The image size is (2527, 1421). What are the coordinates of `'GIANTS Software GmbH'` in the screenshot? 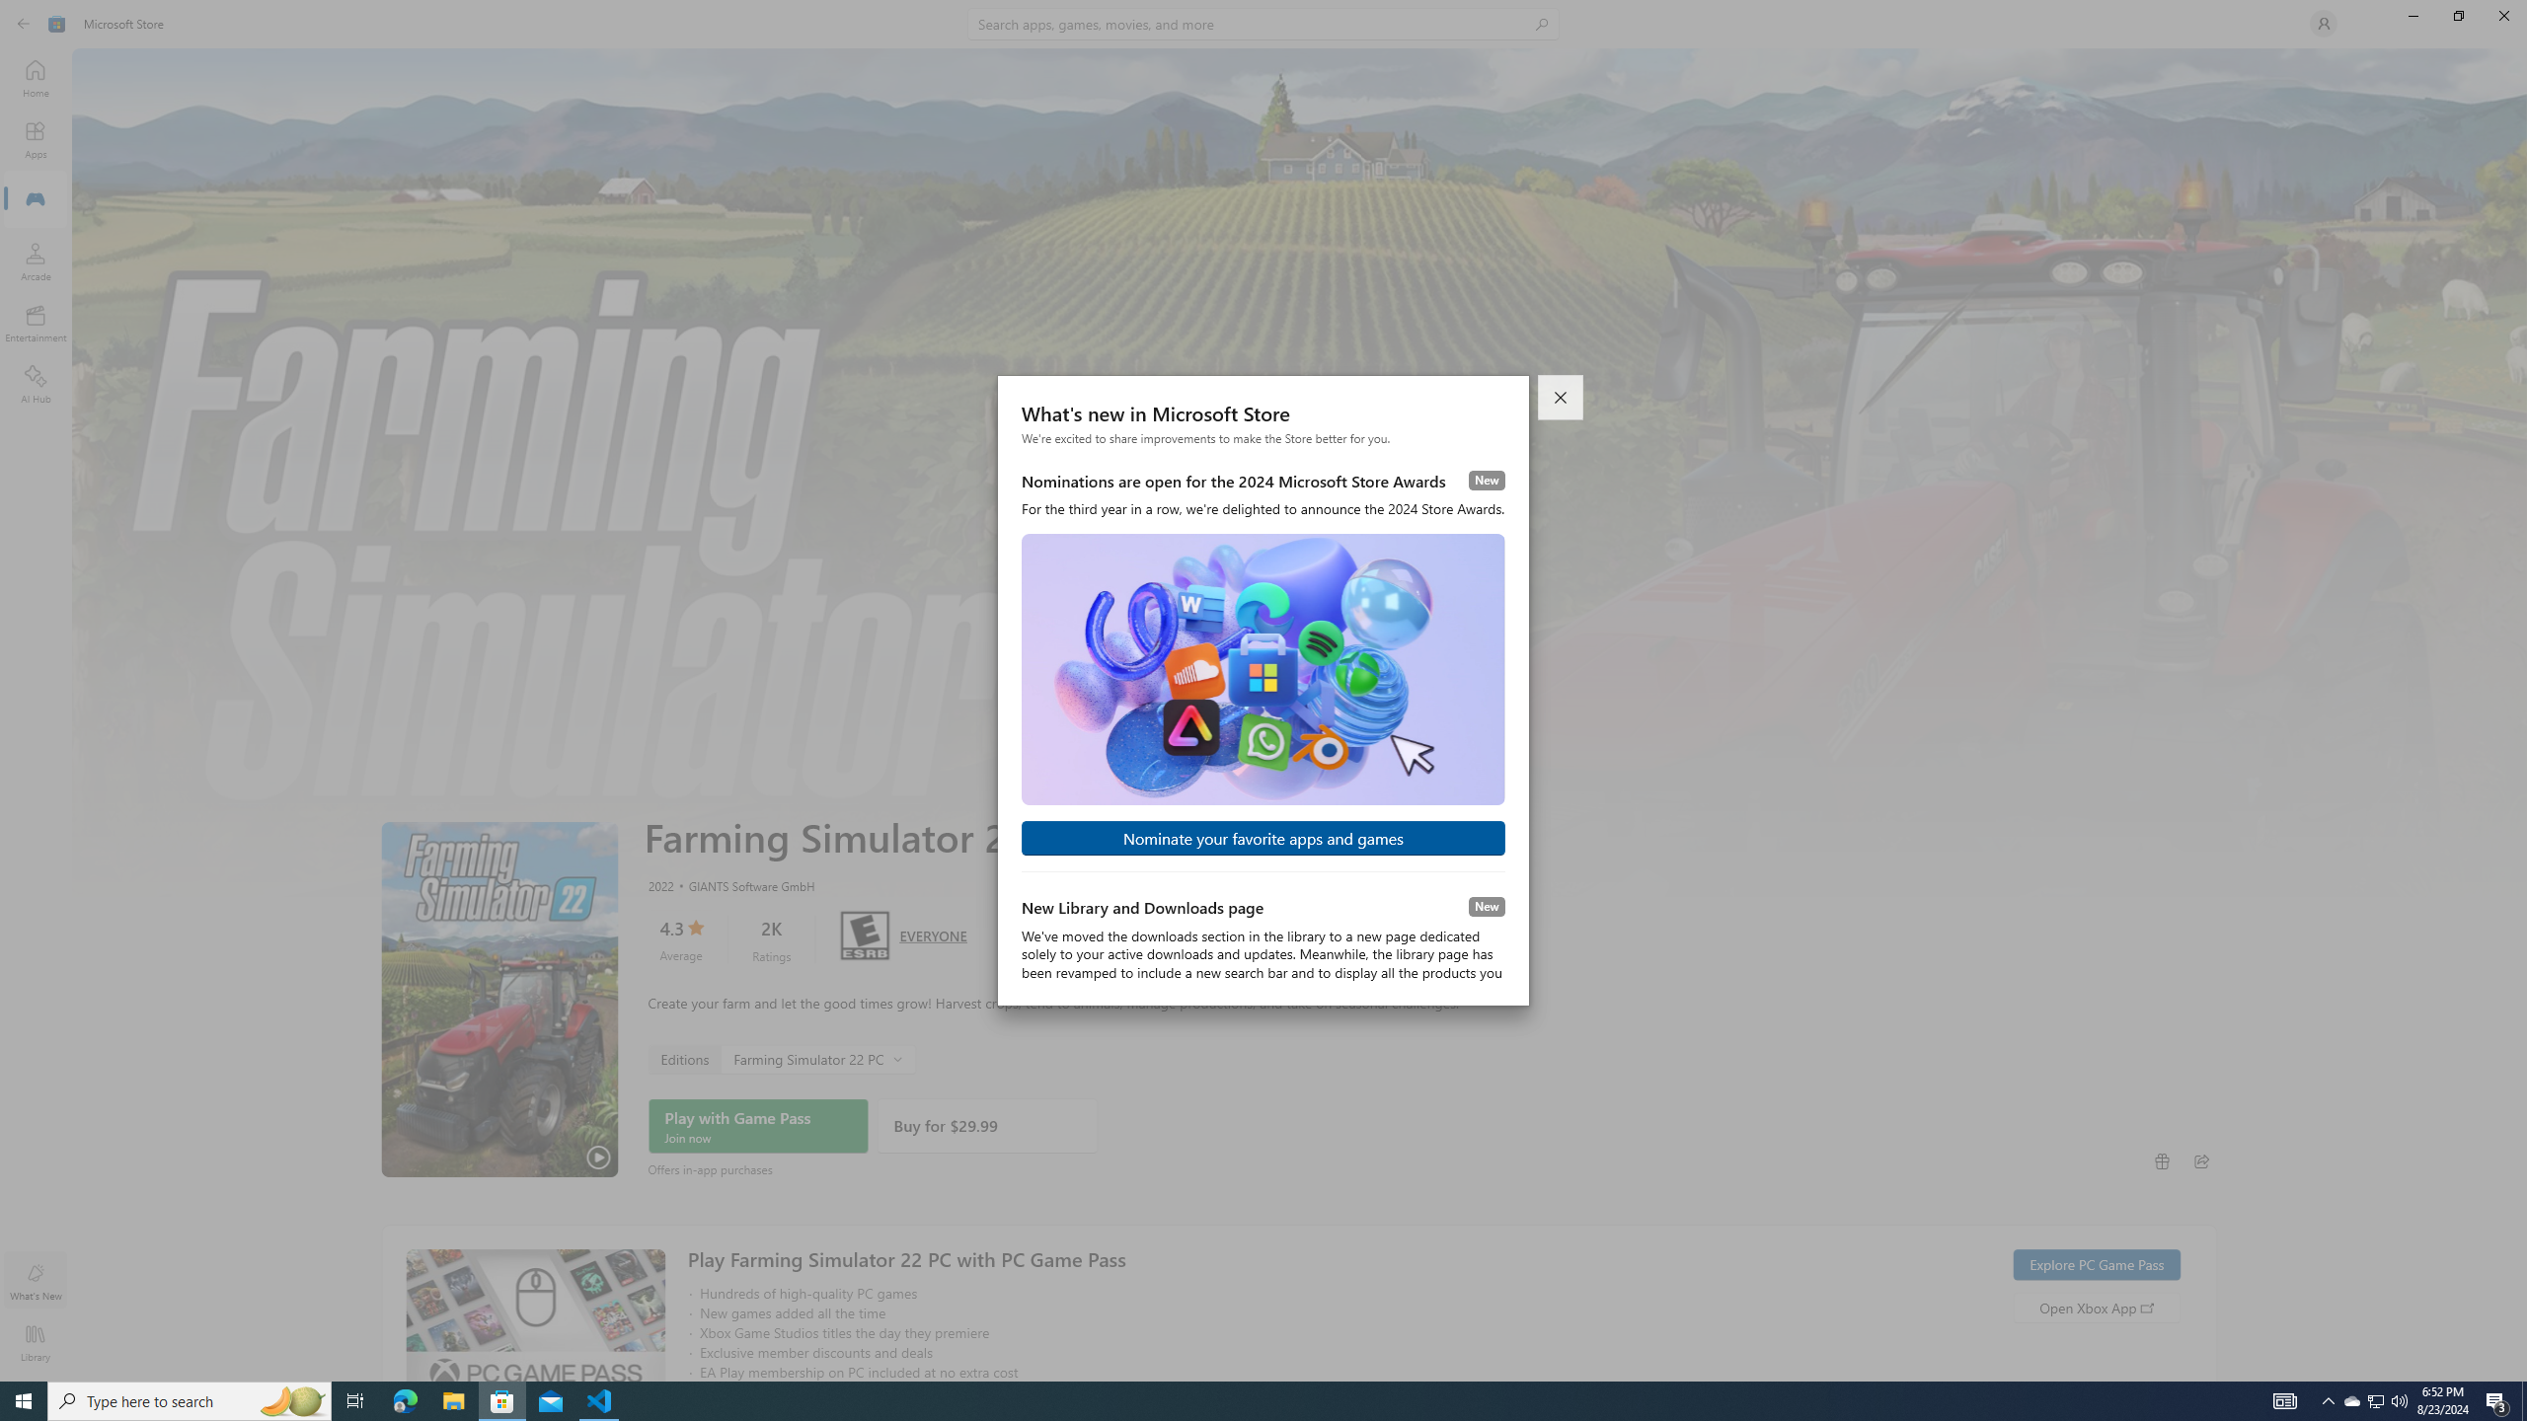 It's located at (741, 884).